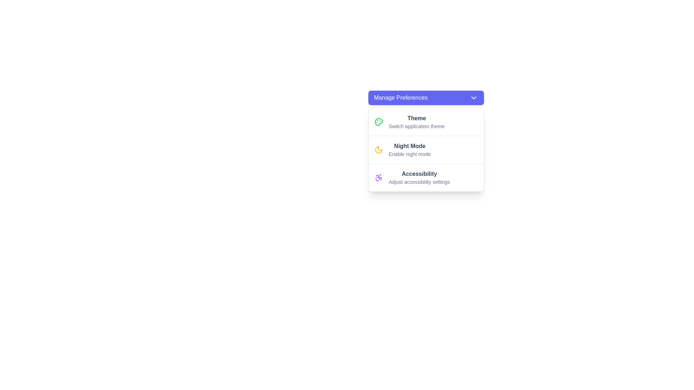 The width and height of the screenshot is (694, 390). What do you see at coordinates (416, 118) in the screenshot?
I see `the static text label indicating the theme selection for the application, located within the 'Preferences' dropdown below 'Manage Preferences.'` at bounding box center [416, 118].